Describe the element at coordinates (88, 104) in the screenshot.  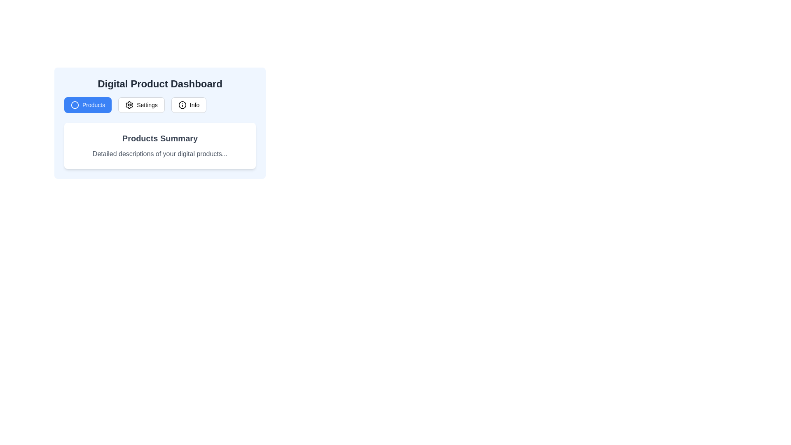
I see `the 'Products' button located under the 'Digital Product Dashboard'` at that location.